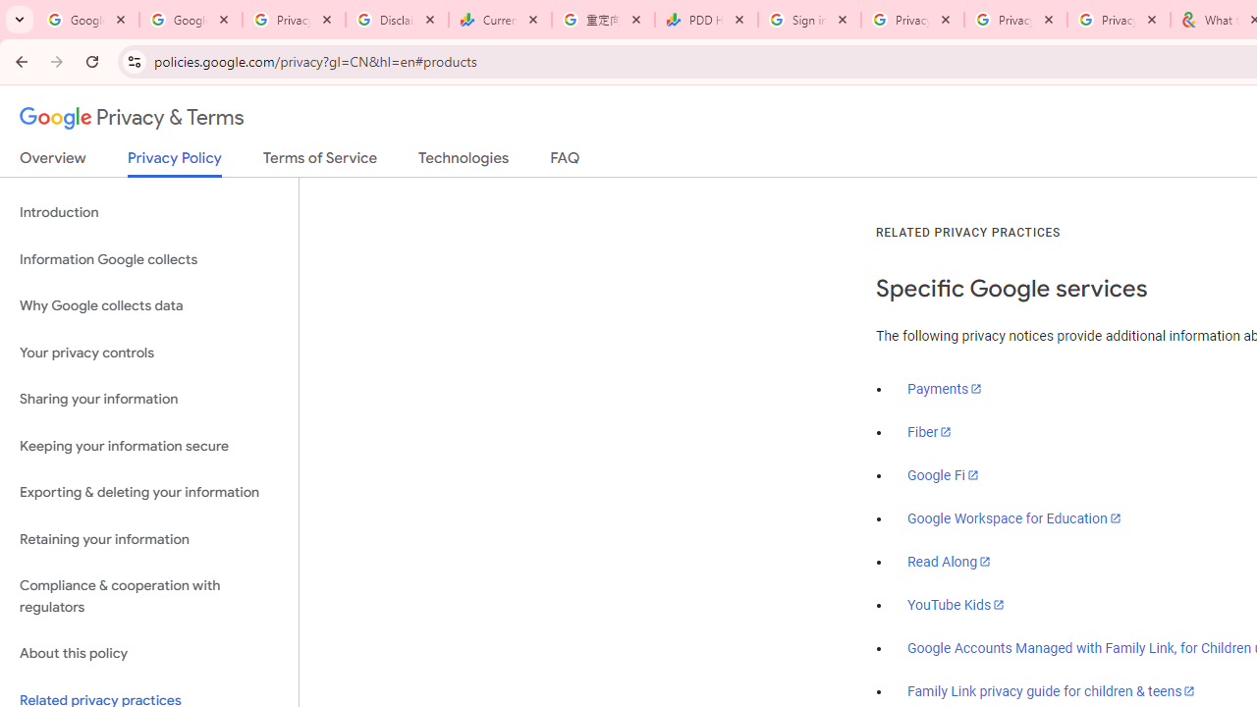 This screenshot has width=1257, height=707. What do you see at coordinates (500, 20) in the screenshot?
I see `'Currencies - Google Finance'` at bounding box center [500, 20].